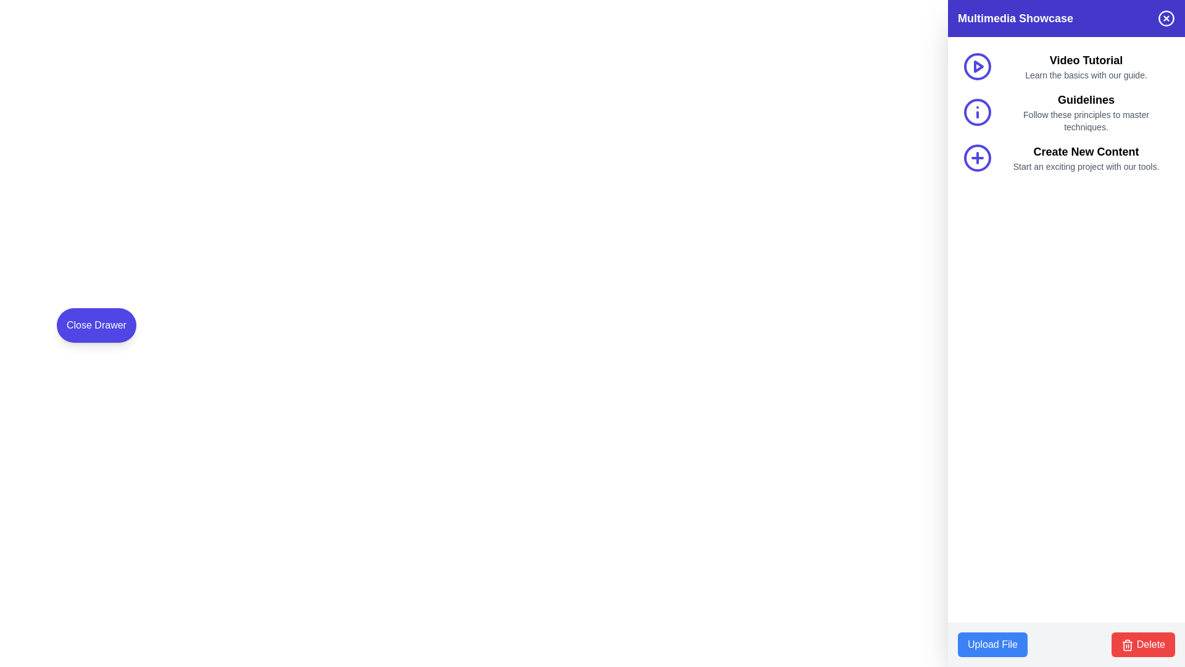  Describe the element at coordinates (1086, 67) in the screenshot. I see `the informational display text block located on the right-hand side of the interface, positioned below the play button icon and above the 'Guidelines' item` at that location.